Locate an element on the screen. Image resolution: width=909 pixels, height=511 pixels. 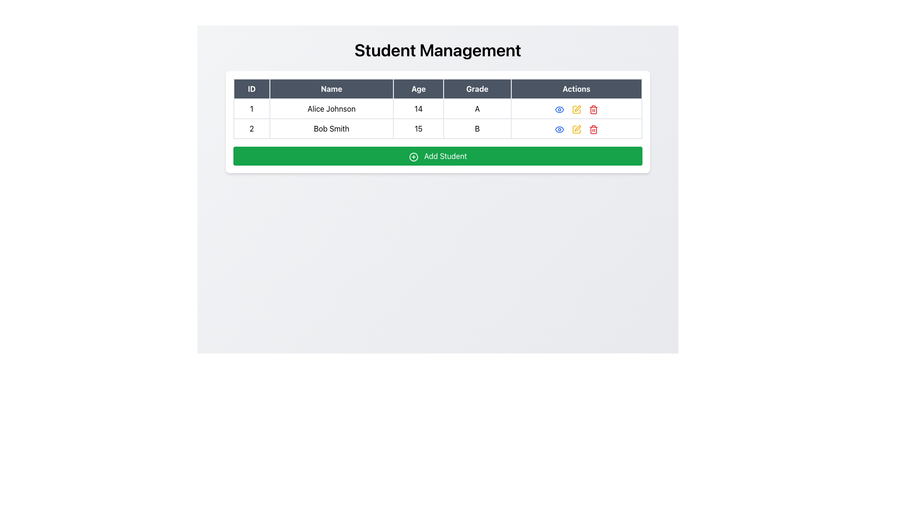
the green button labeled 'Add Student', which contains a circular icon with a plus sign in the center is located at coordinates (413, 156).